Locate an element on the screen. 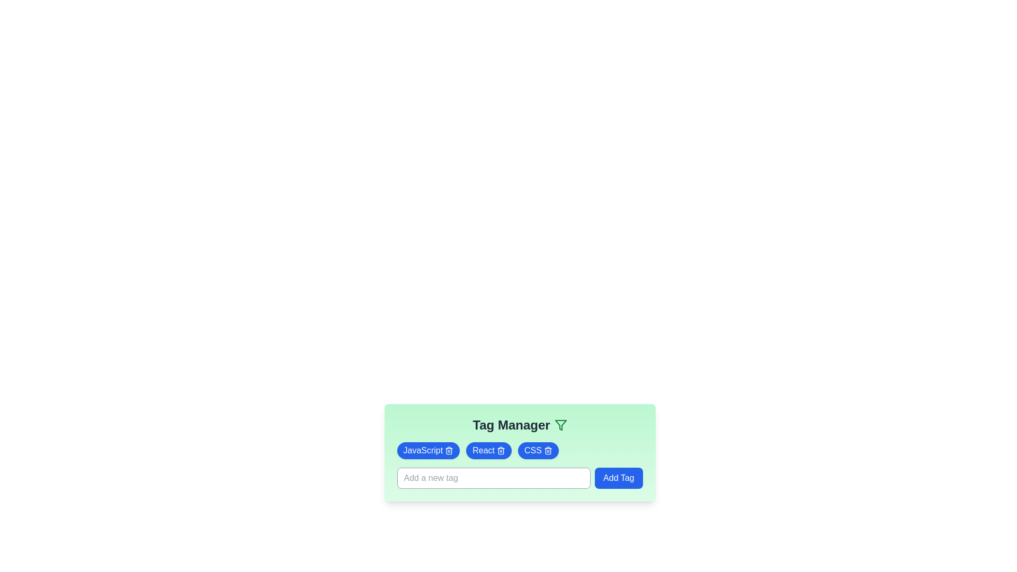  the second tag label in the tag component, which is positioned between the 'JavaScript' and 'CSS' tags is located at coordinates (483, 451).